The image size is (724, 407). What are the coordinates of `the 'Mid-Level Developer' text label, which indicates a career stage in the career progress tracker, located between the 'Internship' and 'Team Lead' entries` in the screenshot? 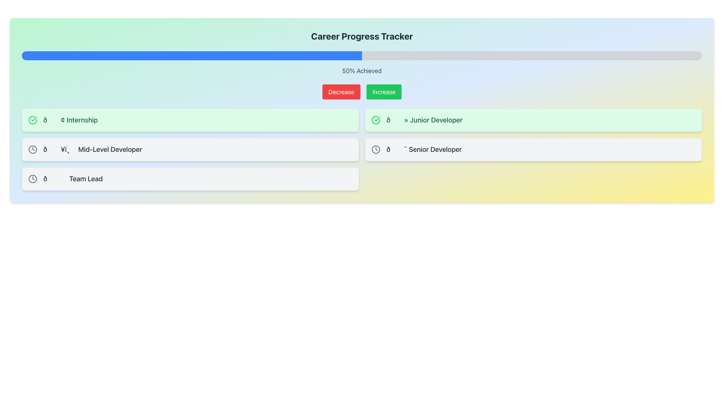 It's located at (92, 150).